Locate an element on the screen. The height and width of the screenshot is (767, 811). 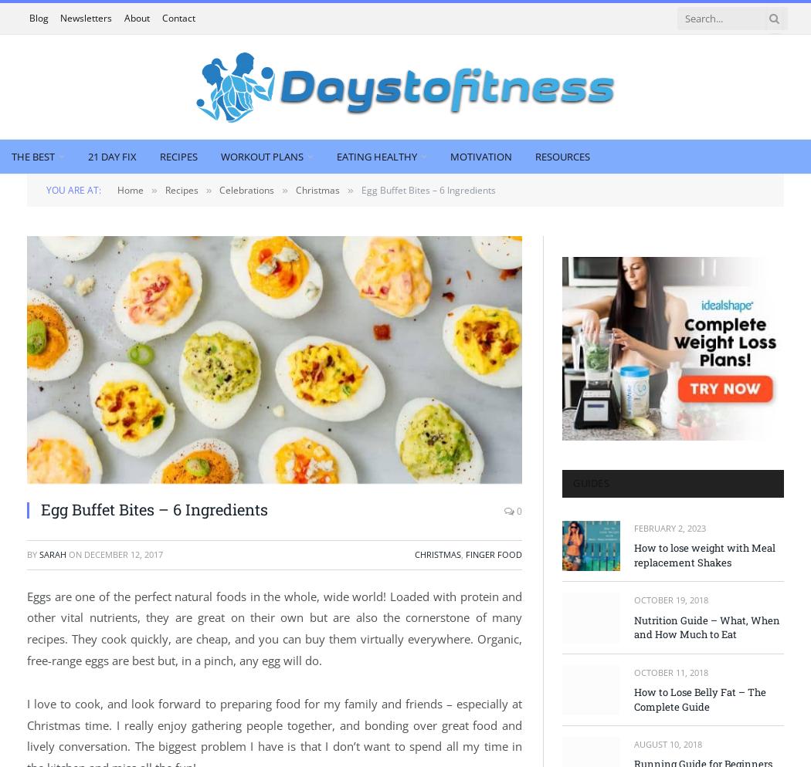
'Finger Food' is located at coordinates (493, 554).